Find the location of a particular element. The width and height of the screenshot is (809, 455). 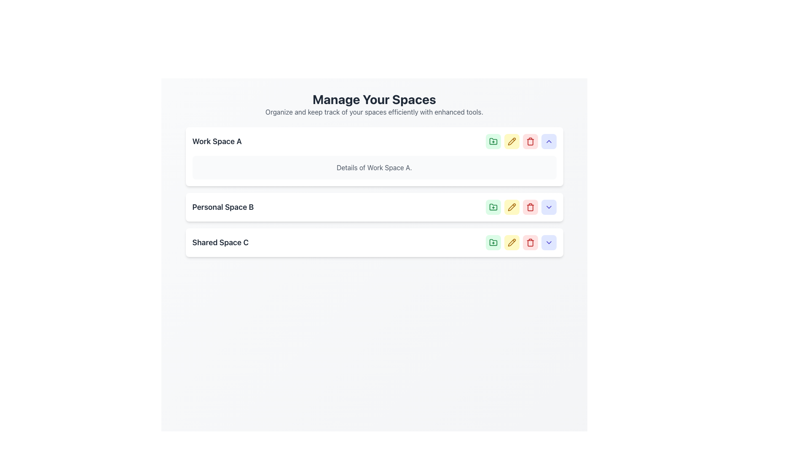

text content of the Text block displaying 'Details of Work Space A.' which is styled with subtle gray tones and rounded corners, located beneath the heading 'Work Space A' in the first card of the workspace list is located at coordinates (374, 167).